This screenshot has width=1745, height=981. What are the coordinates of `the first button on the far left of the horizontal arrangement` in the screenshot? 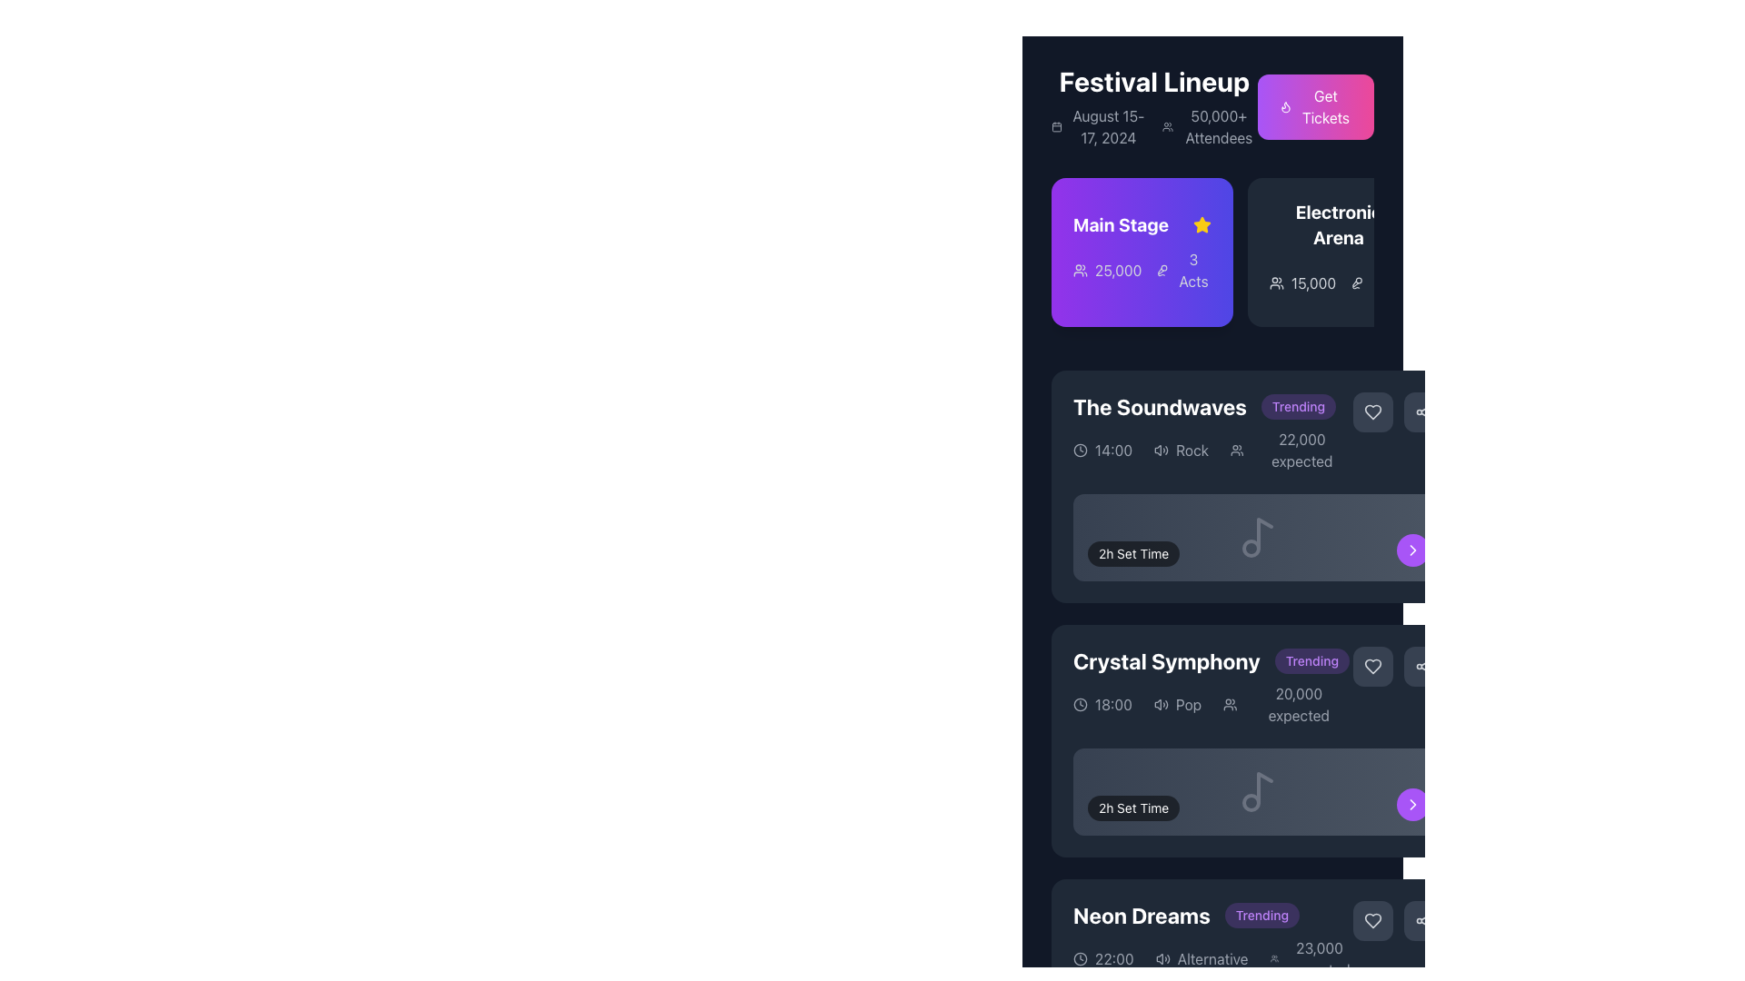 It's located at (1373, 412).